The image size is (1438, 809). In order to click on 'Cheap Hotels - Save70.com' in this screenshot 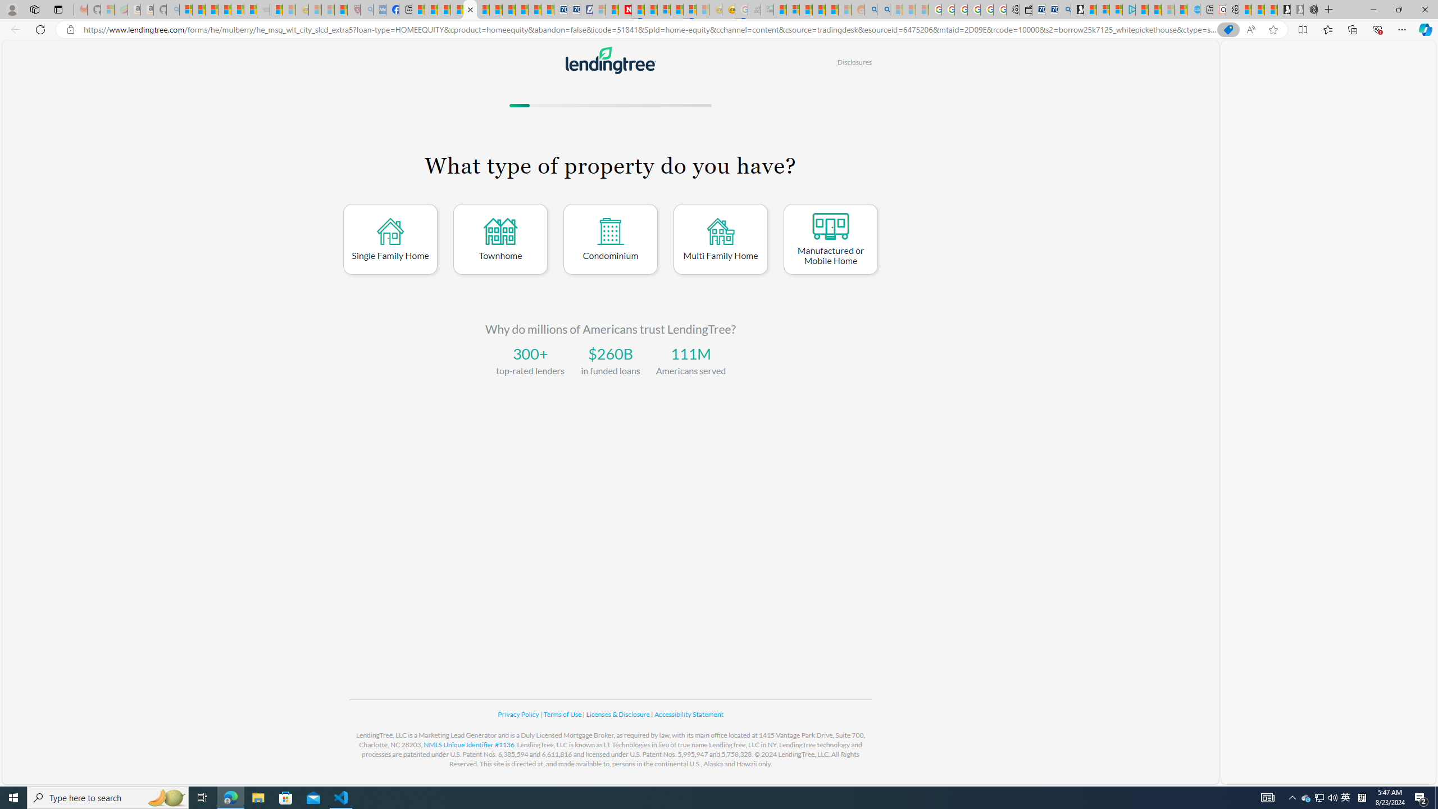, I will do `click(573, 9)`.